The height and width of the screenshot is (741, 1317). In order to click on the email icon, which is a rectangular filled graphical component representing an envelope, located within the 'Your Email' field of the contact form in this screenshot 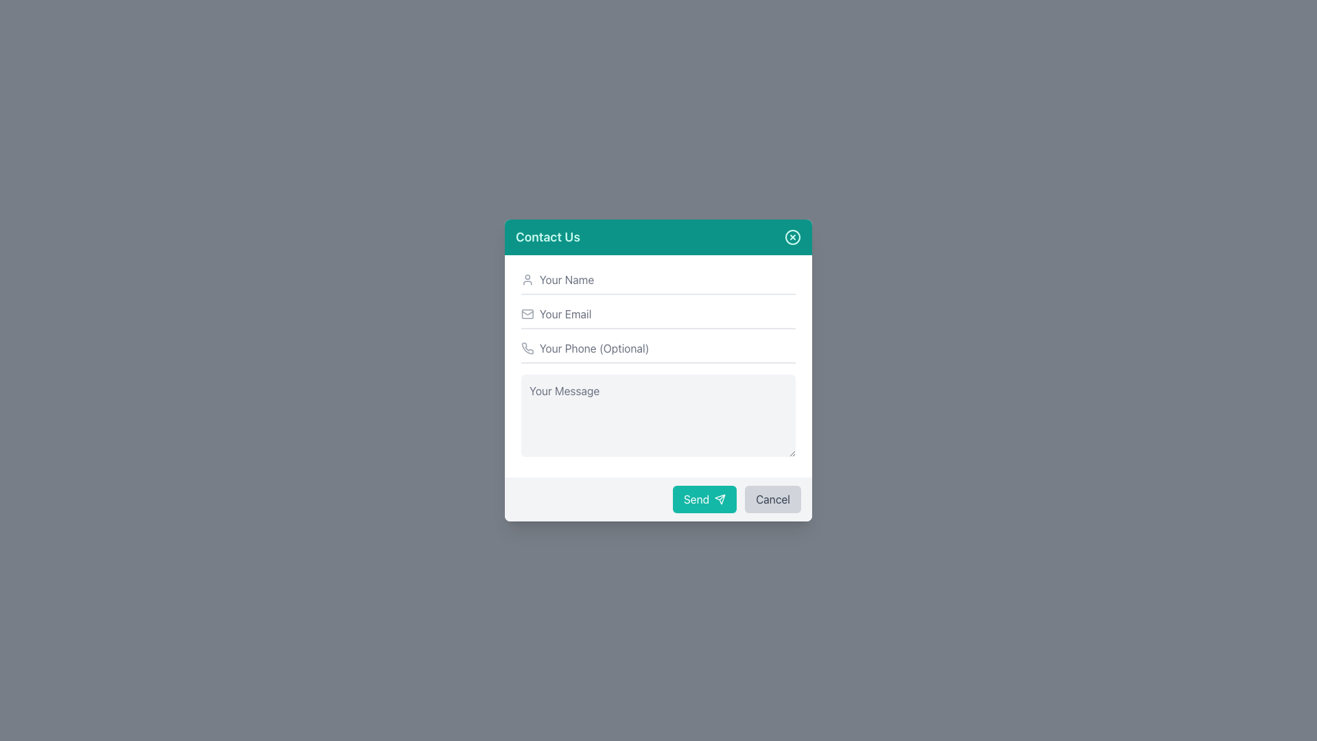, I will do `click(527, 314)`.